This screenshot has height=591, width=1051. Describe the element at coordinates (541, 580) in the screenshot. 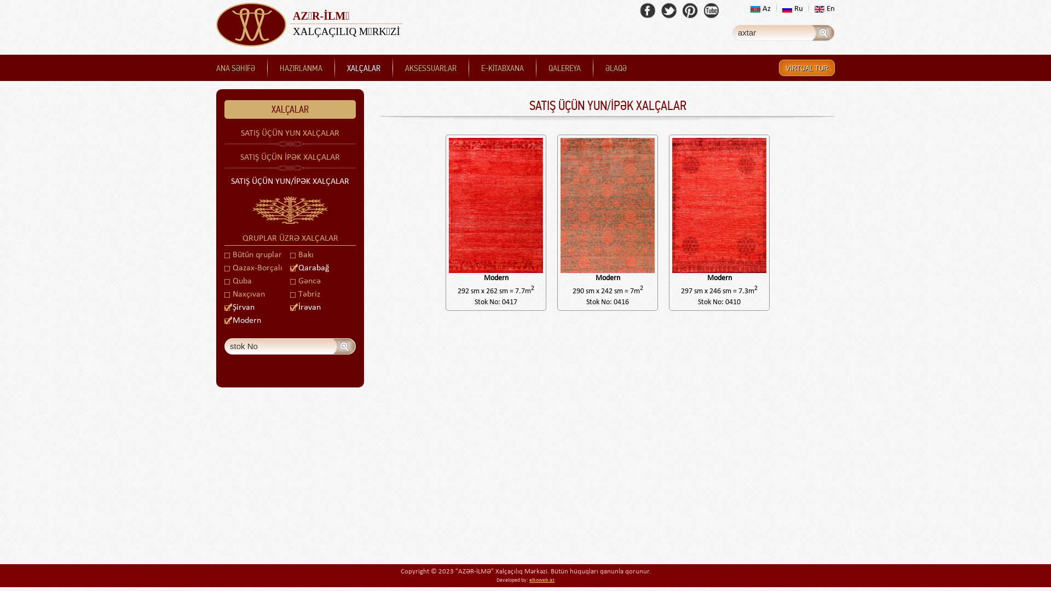

I see `'elkoweb.az'` at that location.